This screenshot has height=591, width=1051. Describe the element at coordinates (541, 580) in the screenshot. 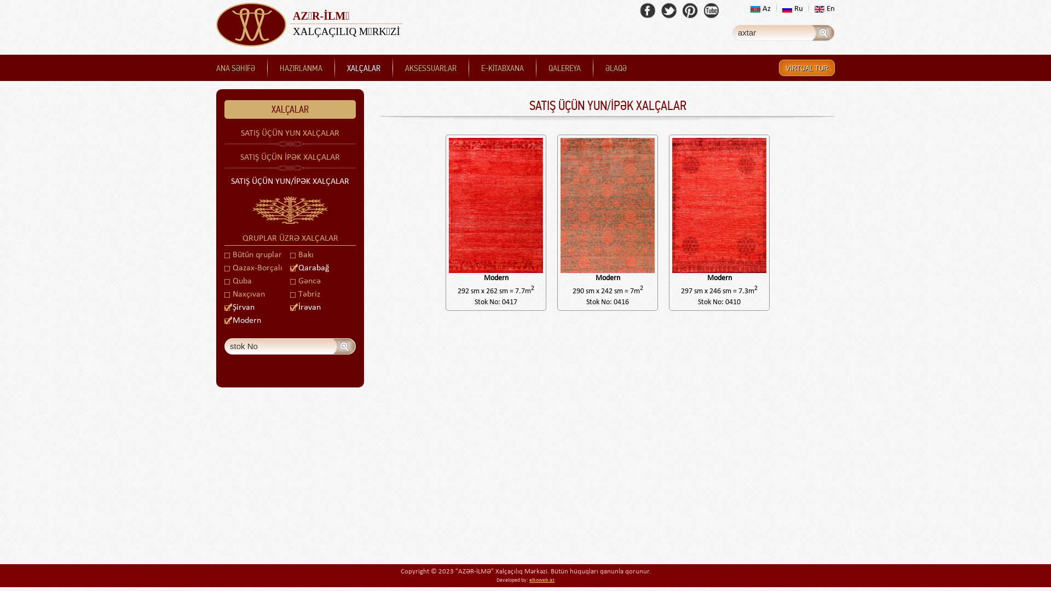

I see `'elkoweb.az'` at that location.